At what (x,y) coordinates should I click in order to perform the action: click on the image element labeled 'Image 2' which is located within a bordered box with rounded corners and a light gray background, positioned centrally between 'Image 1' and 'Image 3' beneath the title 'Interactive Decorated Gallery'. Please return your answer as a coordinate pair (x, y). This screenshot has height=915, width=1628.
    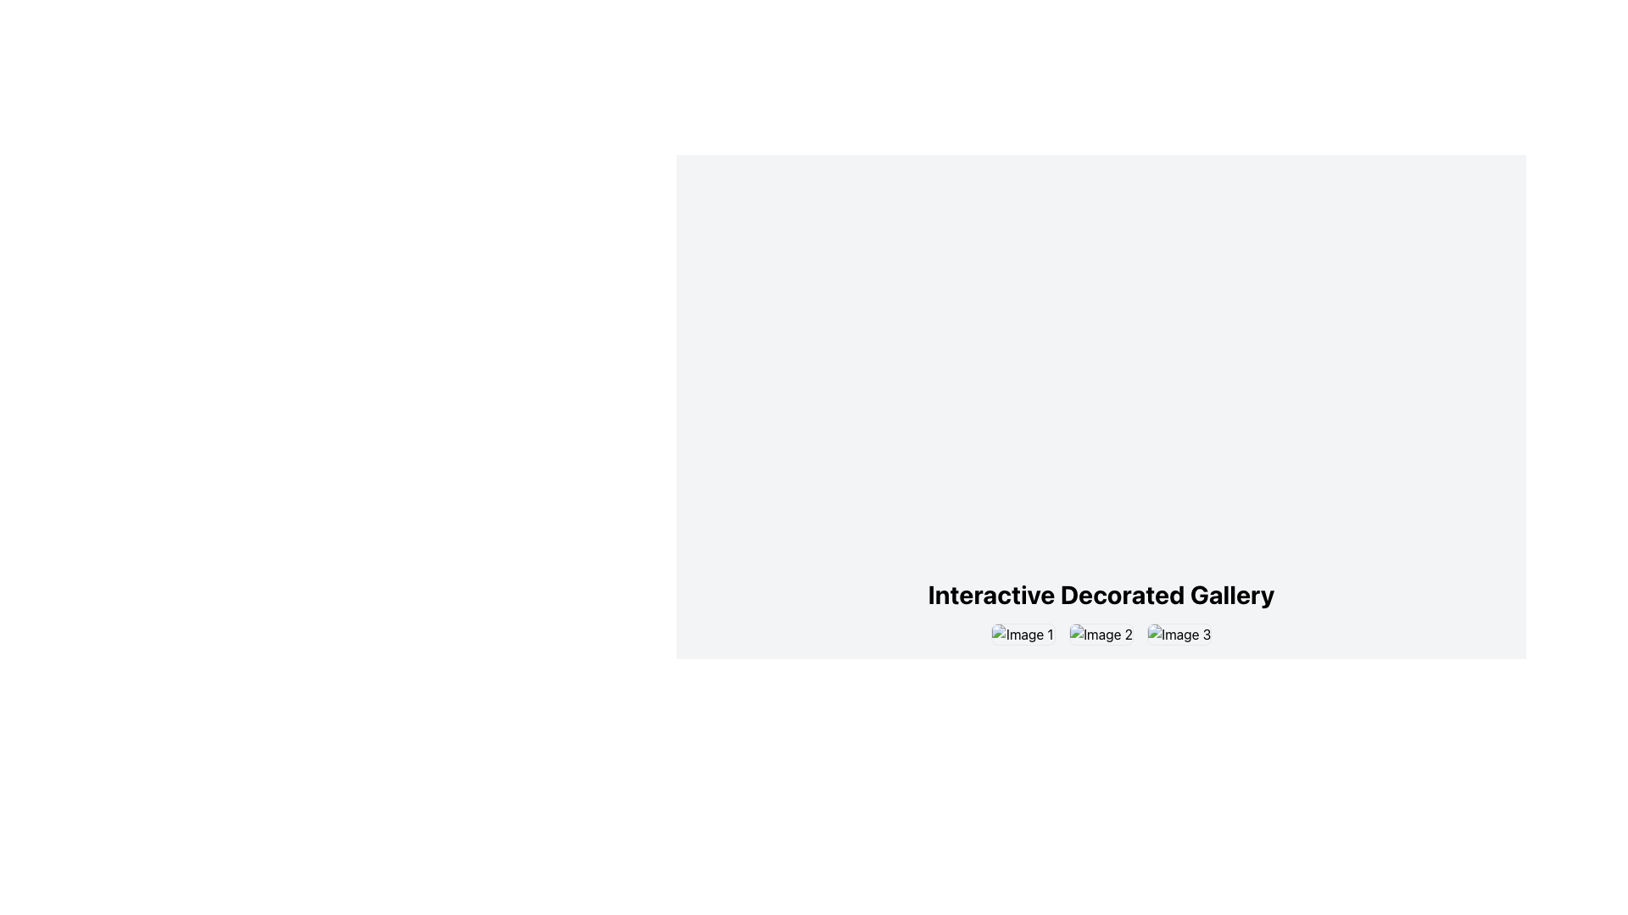
    Looking at the image, I should click on (1101, 634).